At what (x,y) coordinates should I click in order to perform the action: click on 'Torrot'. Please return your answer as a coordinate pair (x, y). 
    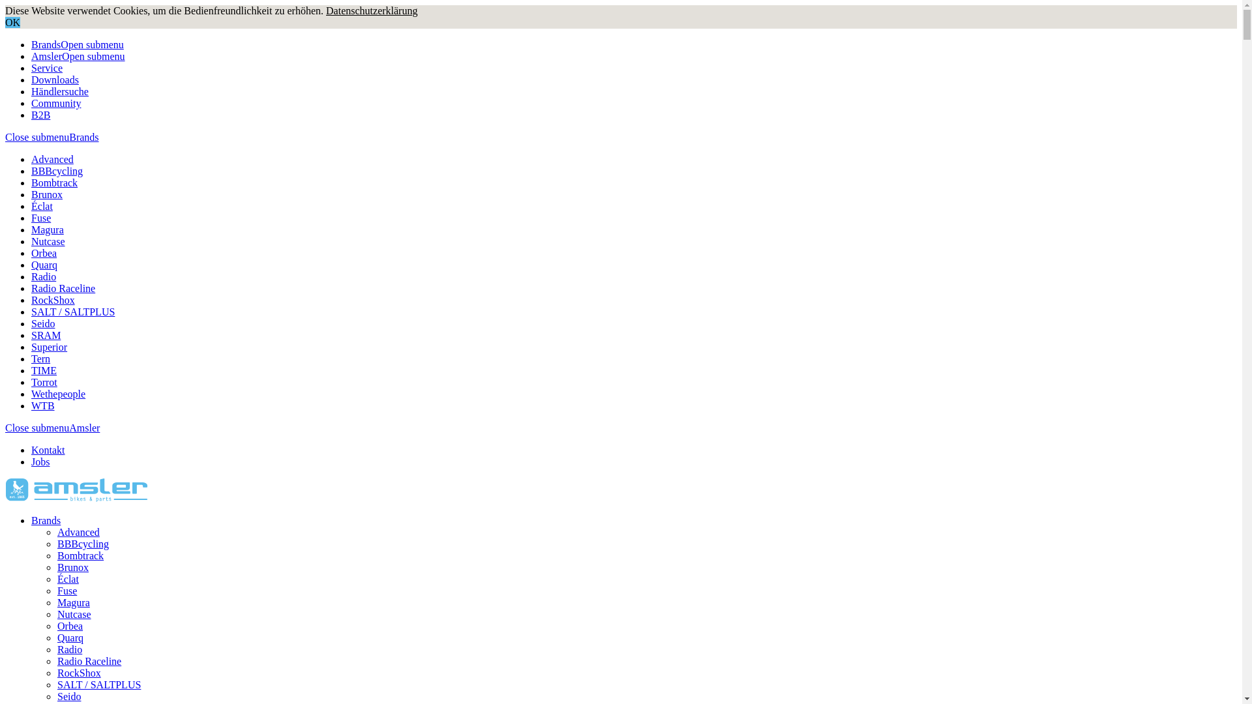
    Looking at the image, I should click on (44, 381).